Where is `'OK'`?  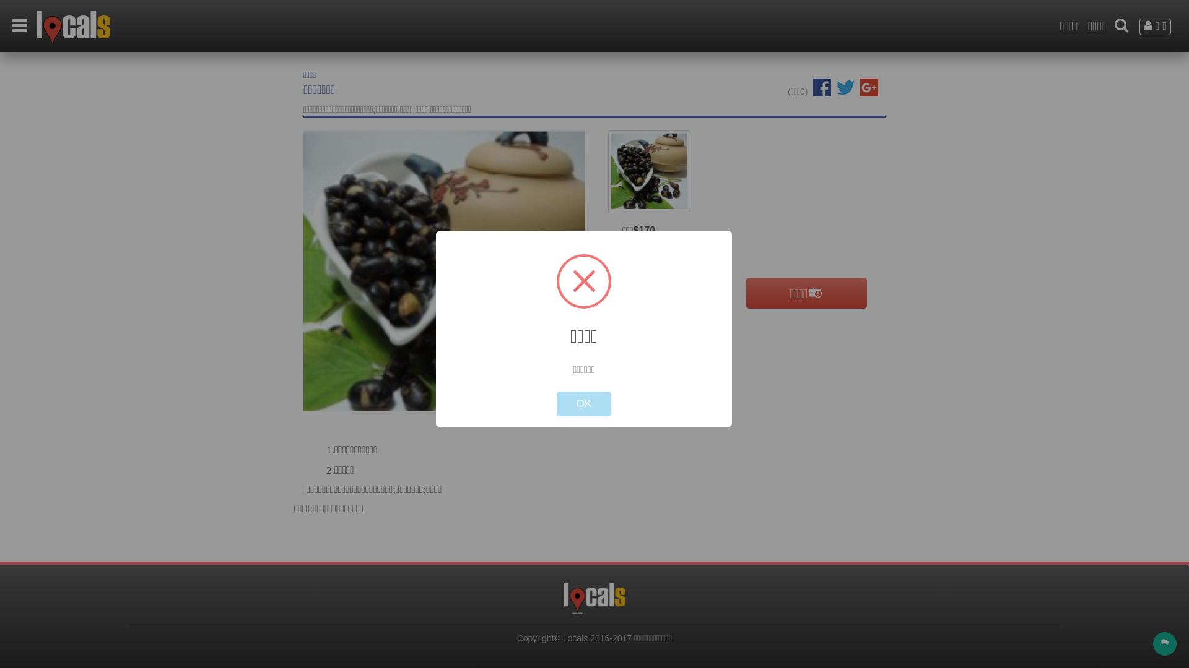 'OK' is located at coordinates (555, 403).